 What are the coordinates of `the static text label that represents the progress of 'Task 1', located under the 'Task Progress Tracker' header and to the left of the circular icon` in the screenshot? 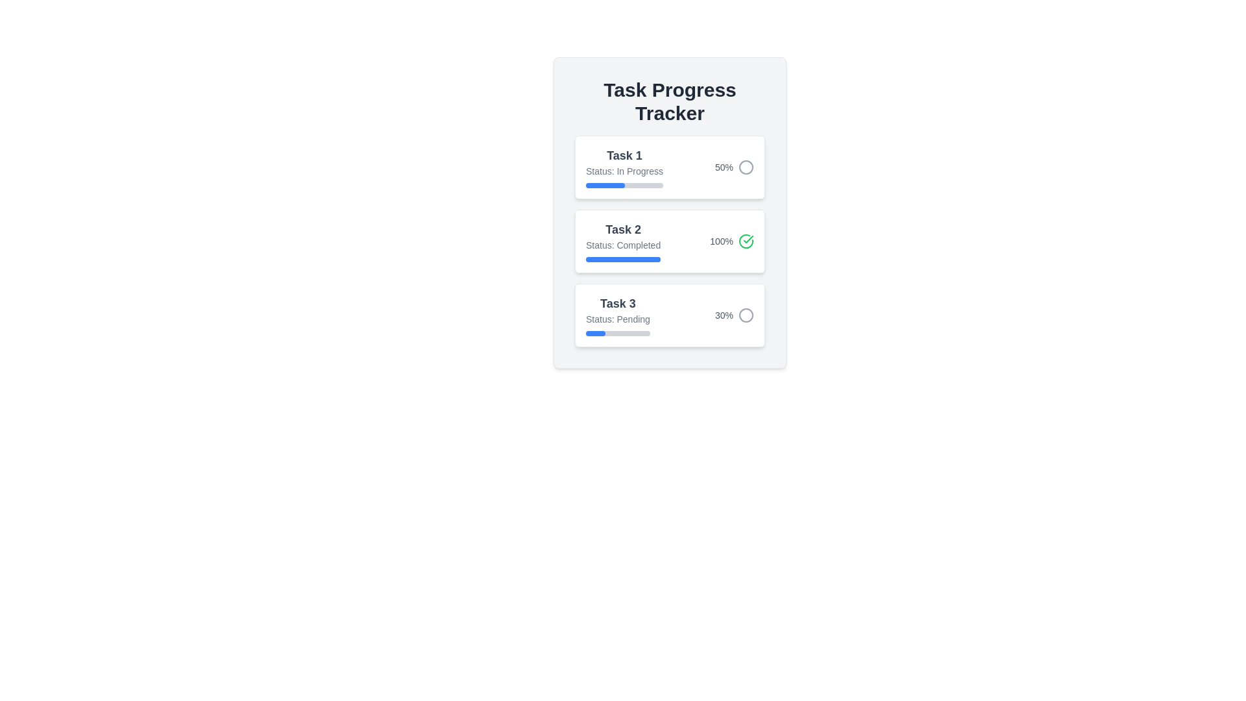 It's located at (723, 167).